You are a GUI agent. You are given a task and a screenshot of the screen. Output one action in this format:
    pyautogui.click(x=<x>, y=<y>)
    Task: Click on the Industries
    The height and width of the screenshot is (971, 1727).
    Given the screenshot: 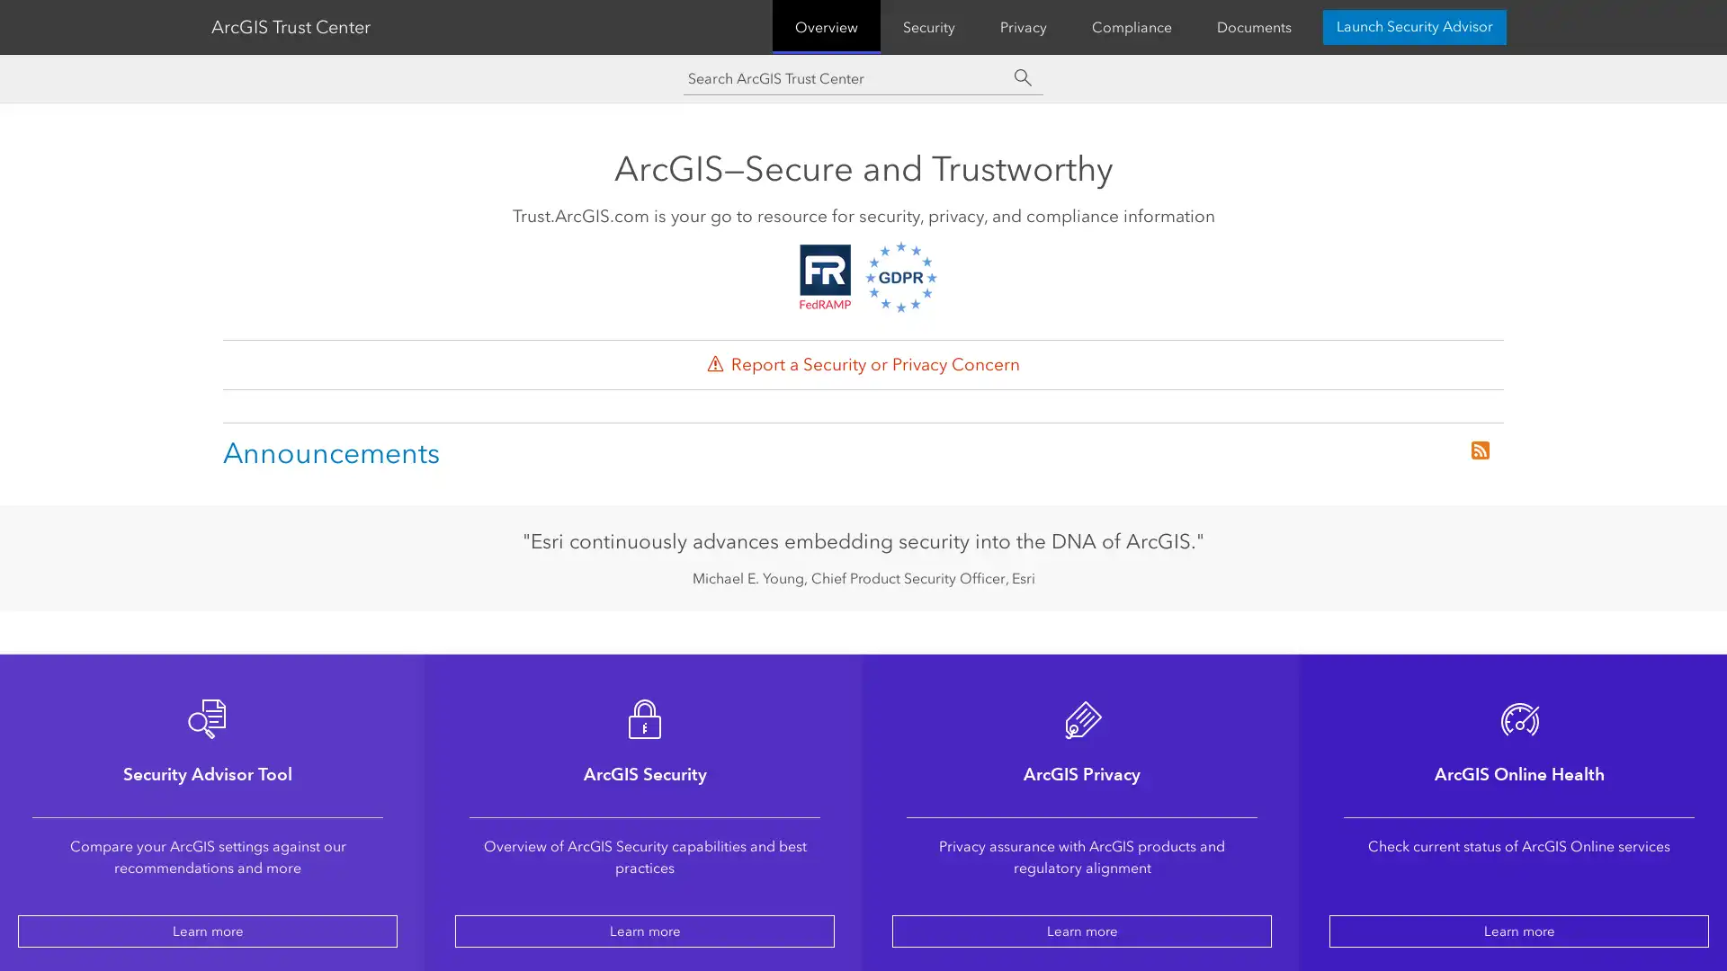 What is the action you would take?
    pyautogui.click(x=447, y=24)
    